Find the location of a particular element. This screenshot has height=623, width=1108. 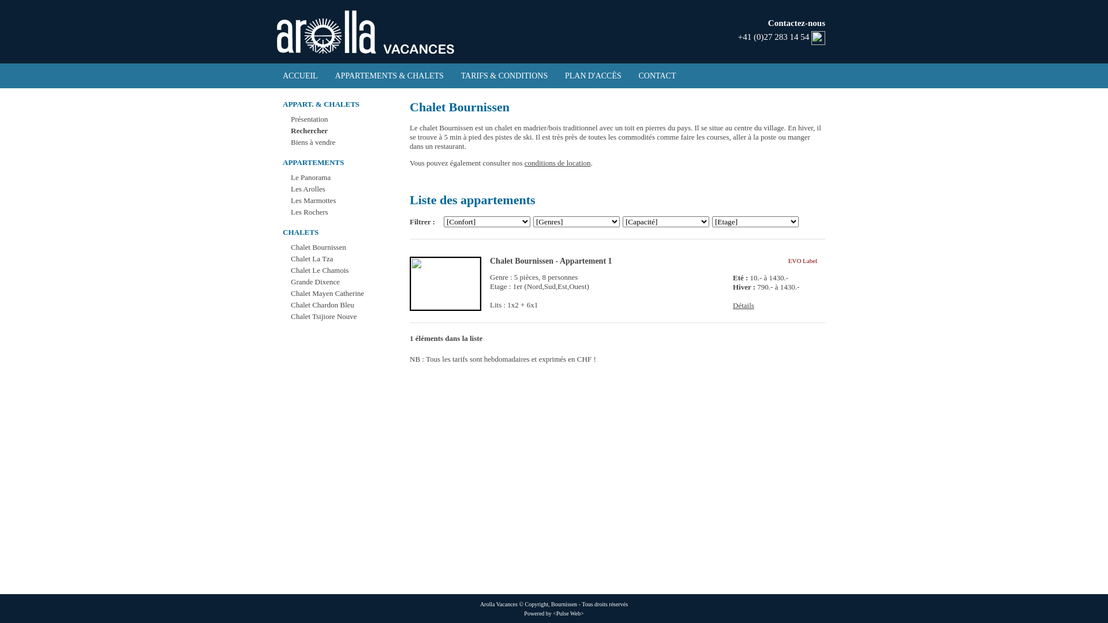

'Chalet La Tza' is located at coordinates (312, 258).